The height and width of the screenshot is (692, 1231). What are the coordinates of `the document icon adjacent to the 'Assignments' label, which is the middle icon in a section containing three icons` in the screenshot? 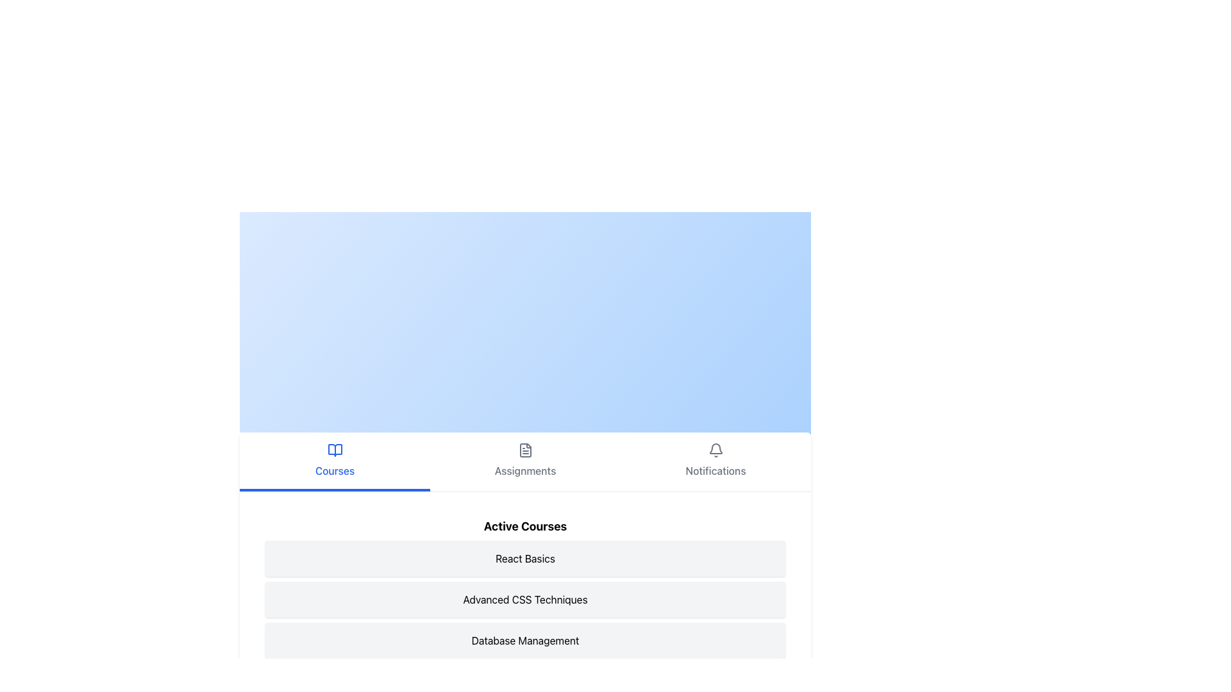 It's located at (525, 449).